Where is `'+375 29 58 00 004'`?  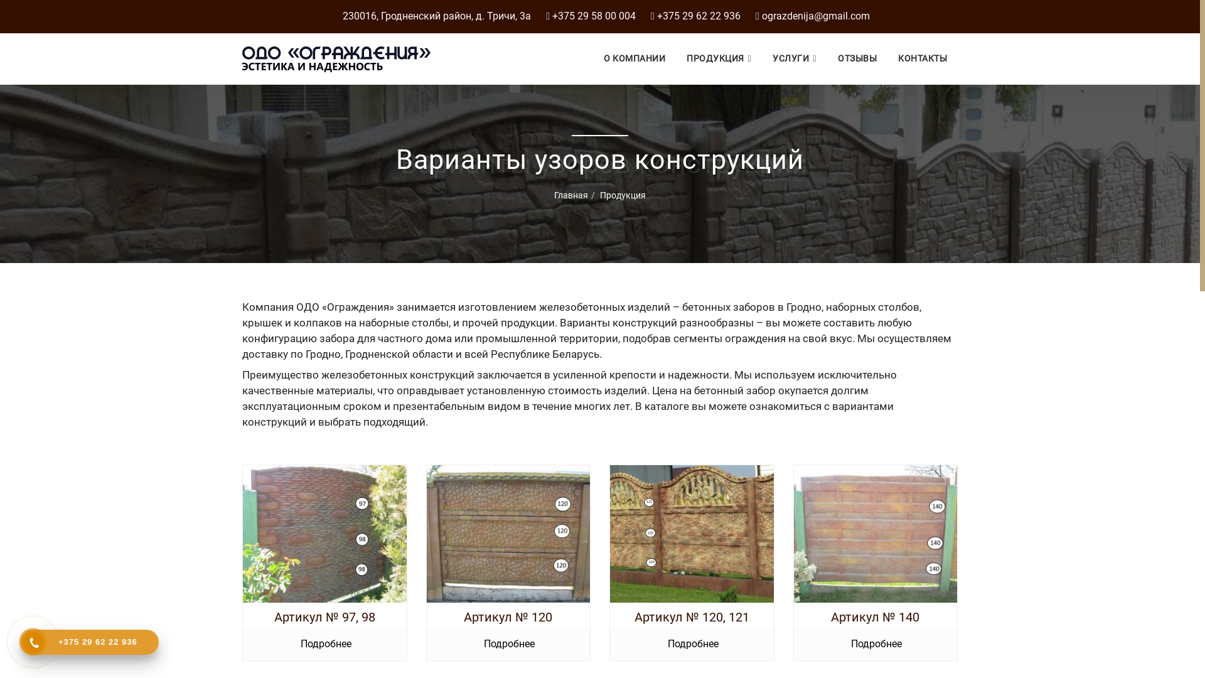 '+375 29 58 00 004' is located at coordinates (593, 16).